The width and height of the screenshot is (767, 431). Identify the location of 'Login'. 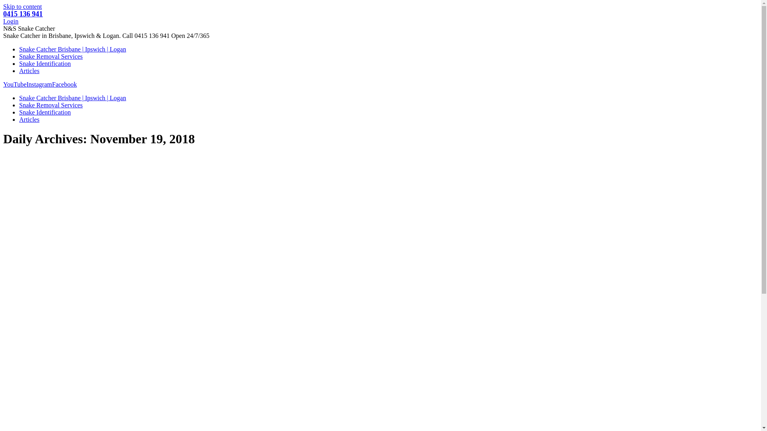
(11, 21).